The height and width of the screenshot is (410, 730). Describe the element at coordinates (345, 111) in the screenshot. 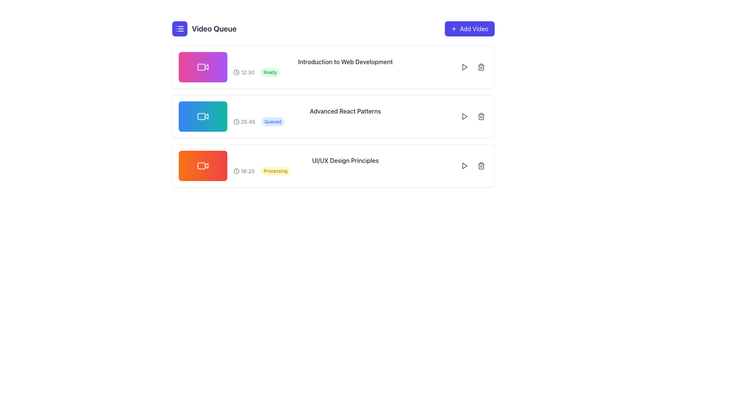

I see `text label displaying 'Advanced React Patterns', which is centrally positioned in the second row of the video item queue, below the time label '25:45'` at that location.